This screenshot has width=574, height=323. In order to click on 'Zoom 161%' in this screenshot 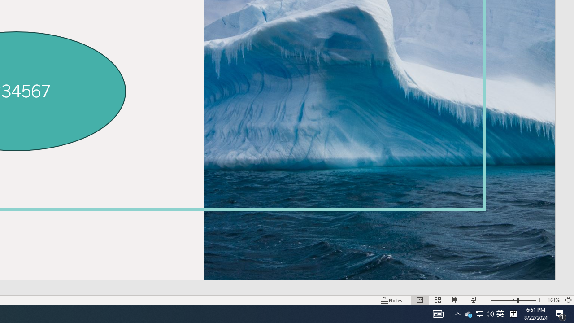, I will do `click(553, 300)`.